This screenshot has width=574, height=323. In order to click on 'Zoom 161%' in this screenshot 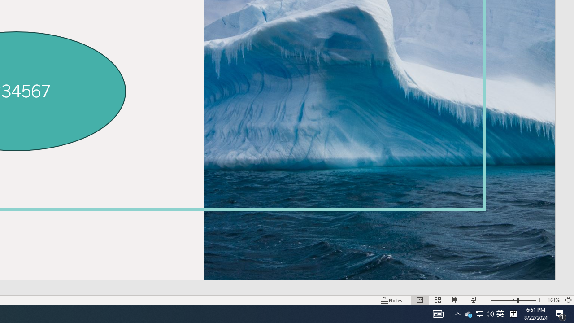, I will do `click(553, 300)`.